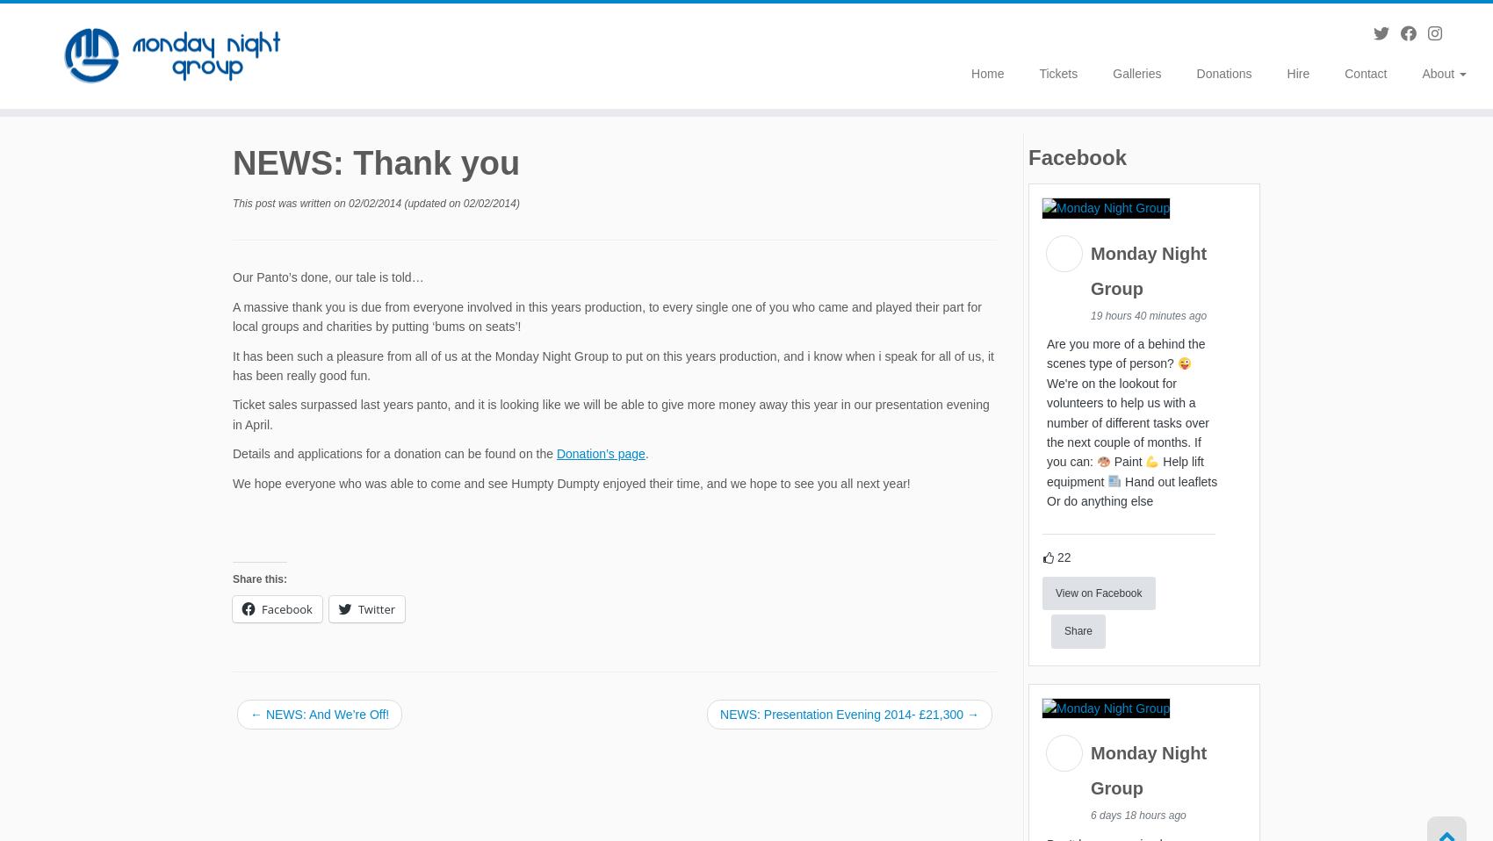  I want to click on 'Twitter', so click(356, 611).